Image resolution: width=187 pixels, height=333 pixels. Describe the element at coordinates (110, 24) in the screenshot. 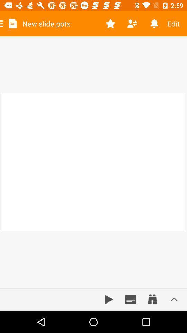

I see `the icon next to the new slide.pptx item` at that location.